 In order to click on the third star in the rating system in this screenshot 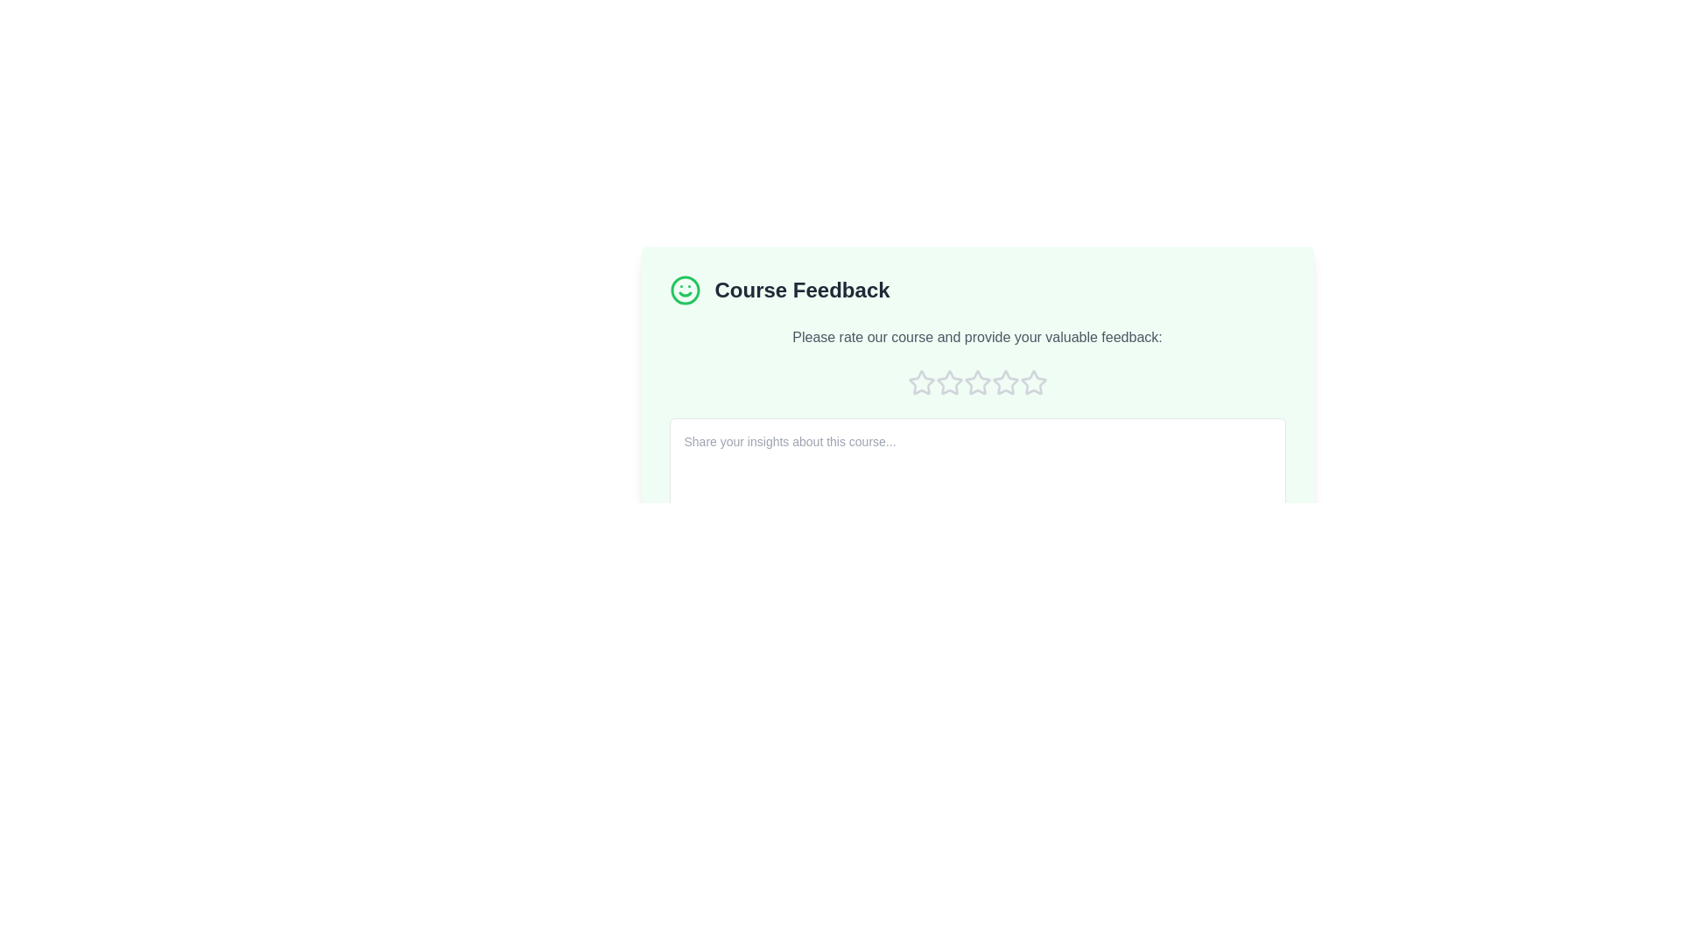, I will do `click(976, 381)`.